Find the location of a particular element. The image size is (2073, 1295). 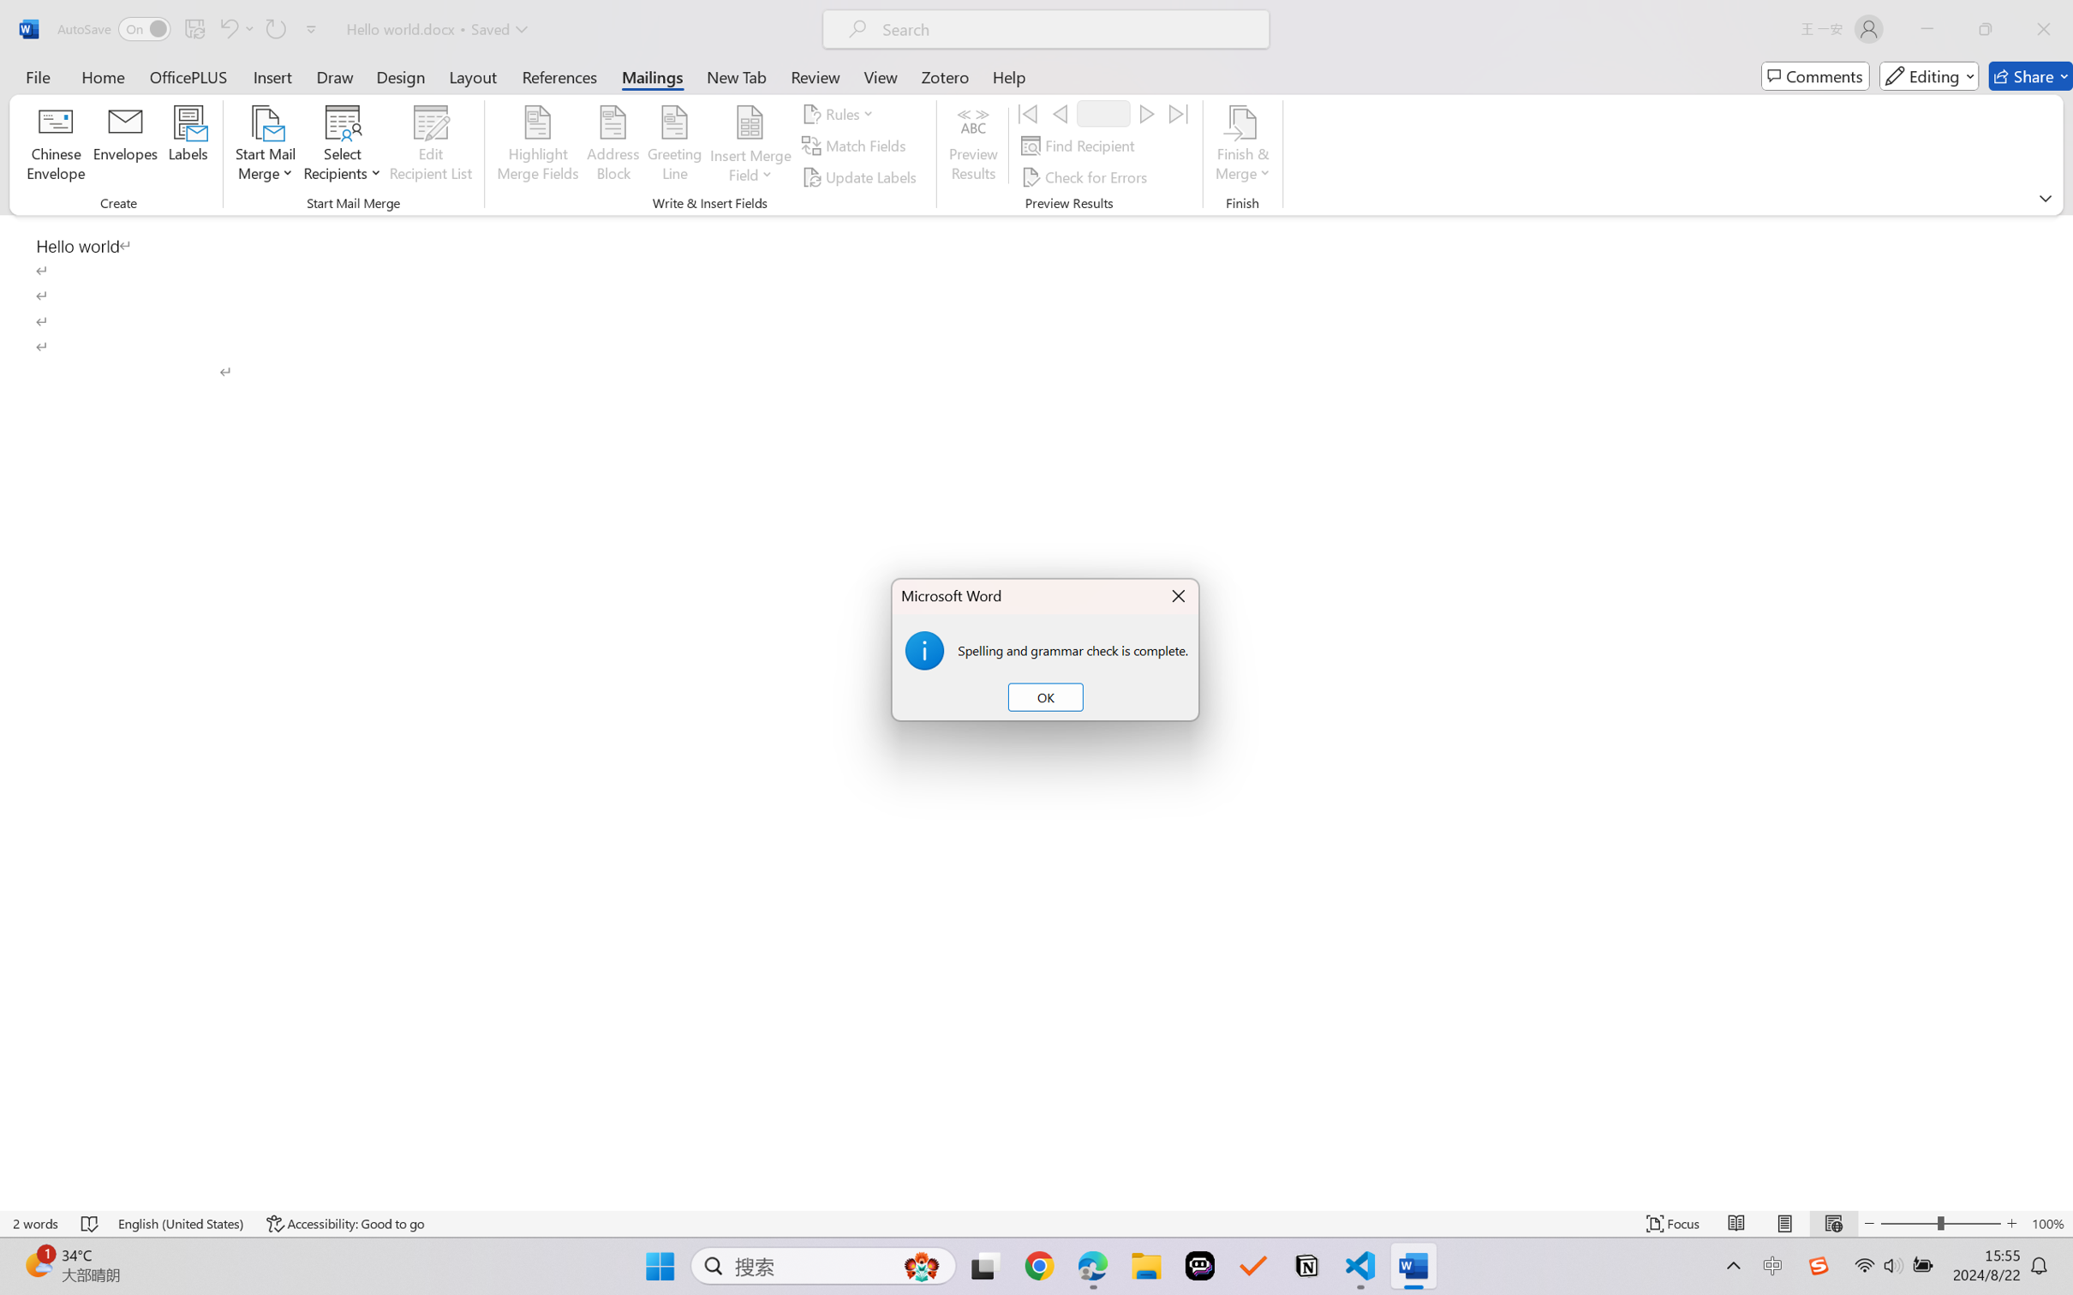

'Check for Errors...' is located at coordinates (1087, 177).